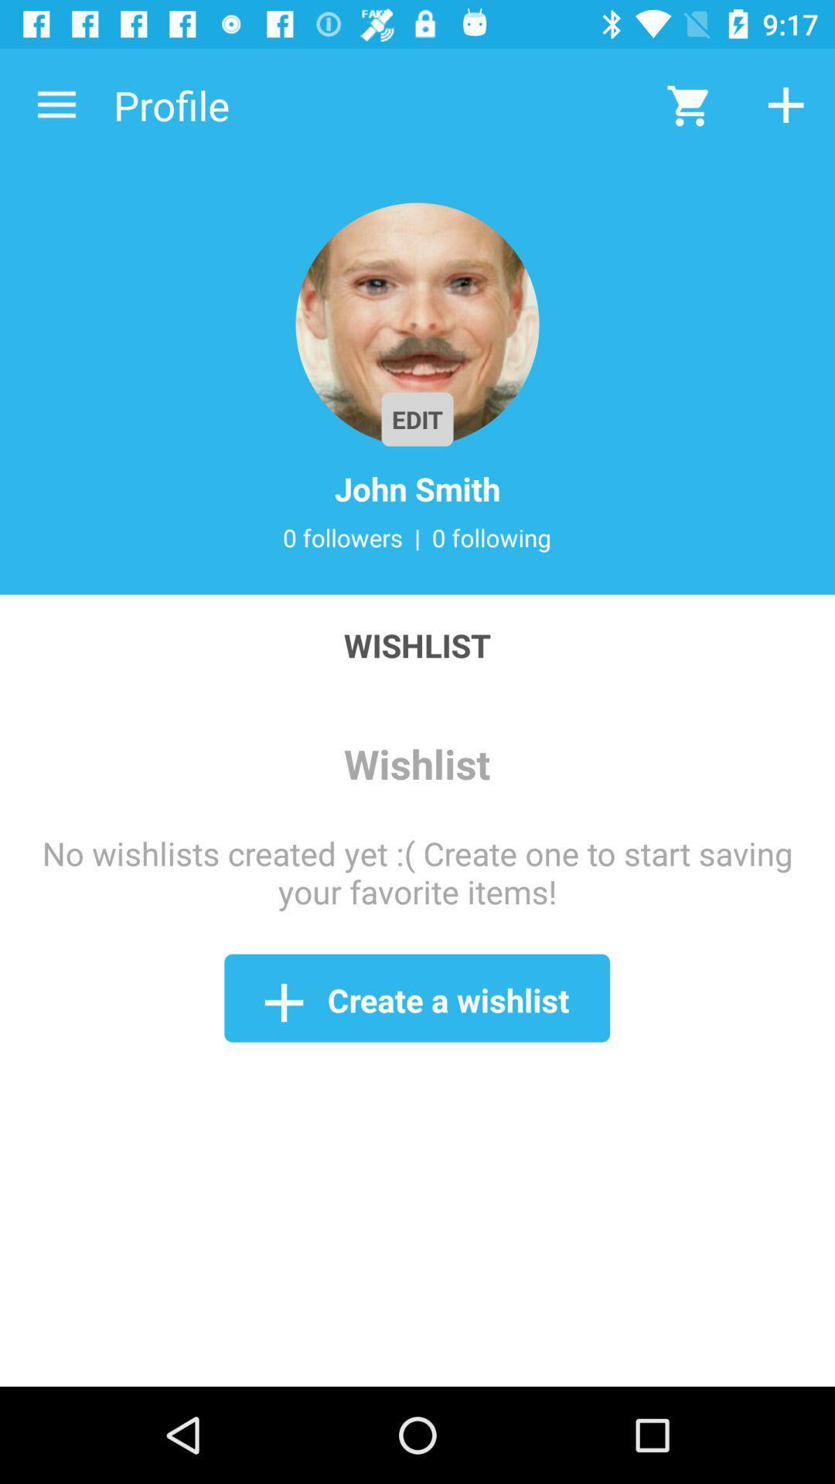 The width and height of the screenshot is (835, 1484). What do you see at coordinates (417, 537) in the screenshot?
I see `icon below the john smith` at bounding box center [417, 537].